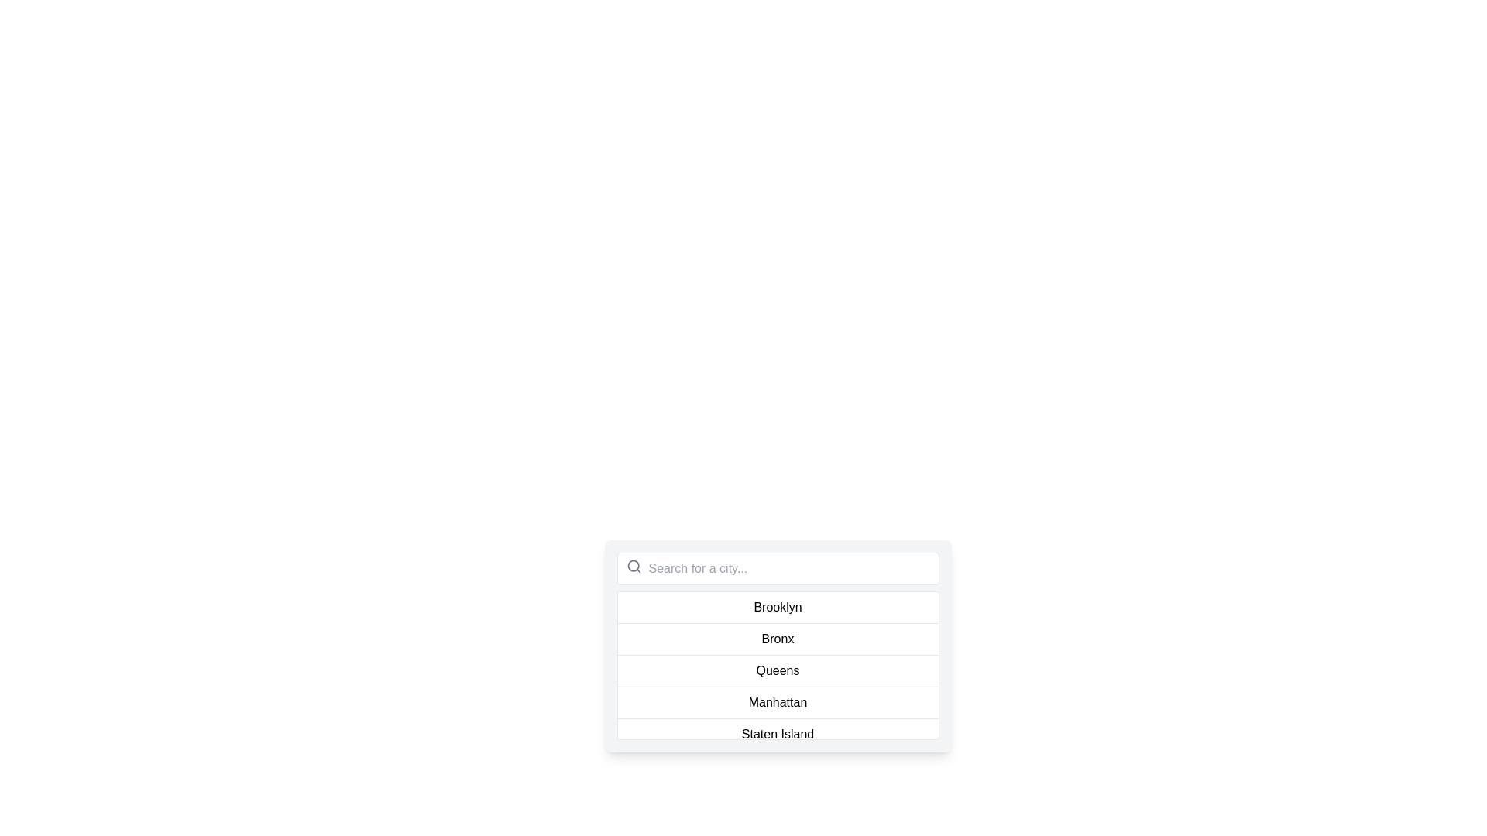  Describe the element at coordinates (778, 670) in the screenshot. I see `the text label displaying 'Queens'` at that location.